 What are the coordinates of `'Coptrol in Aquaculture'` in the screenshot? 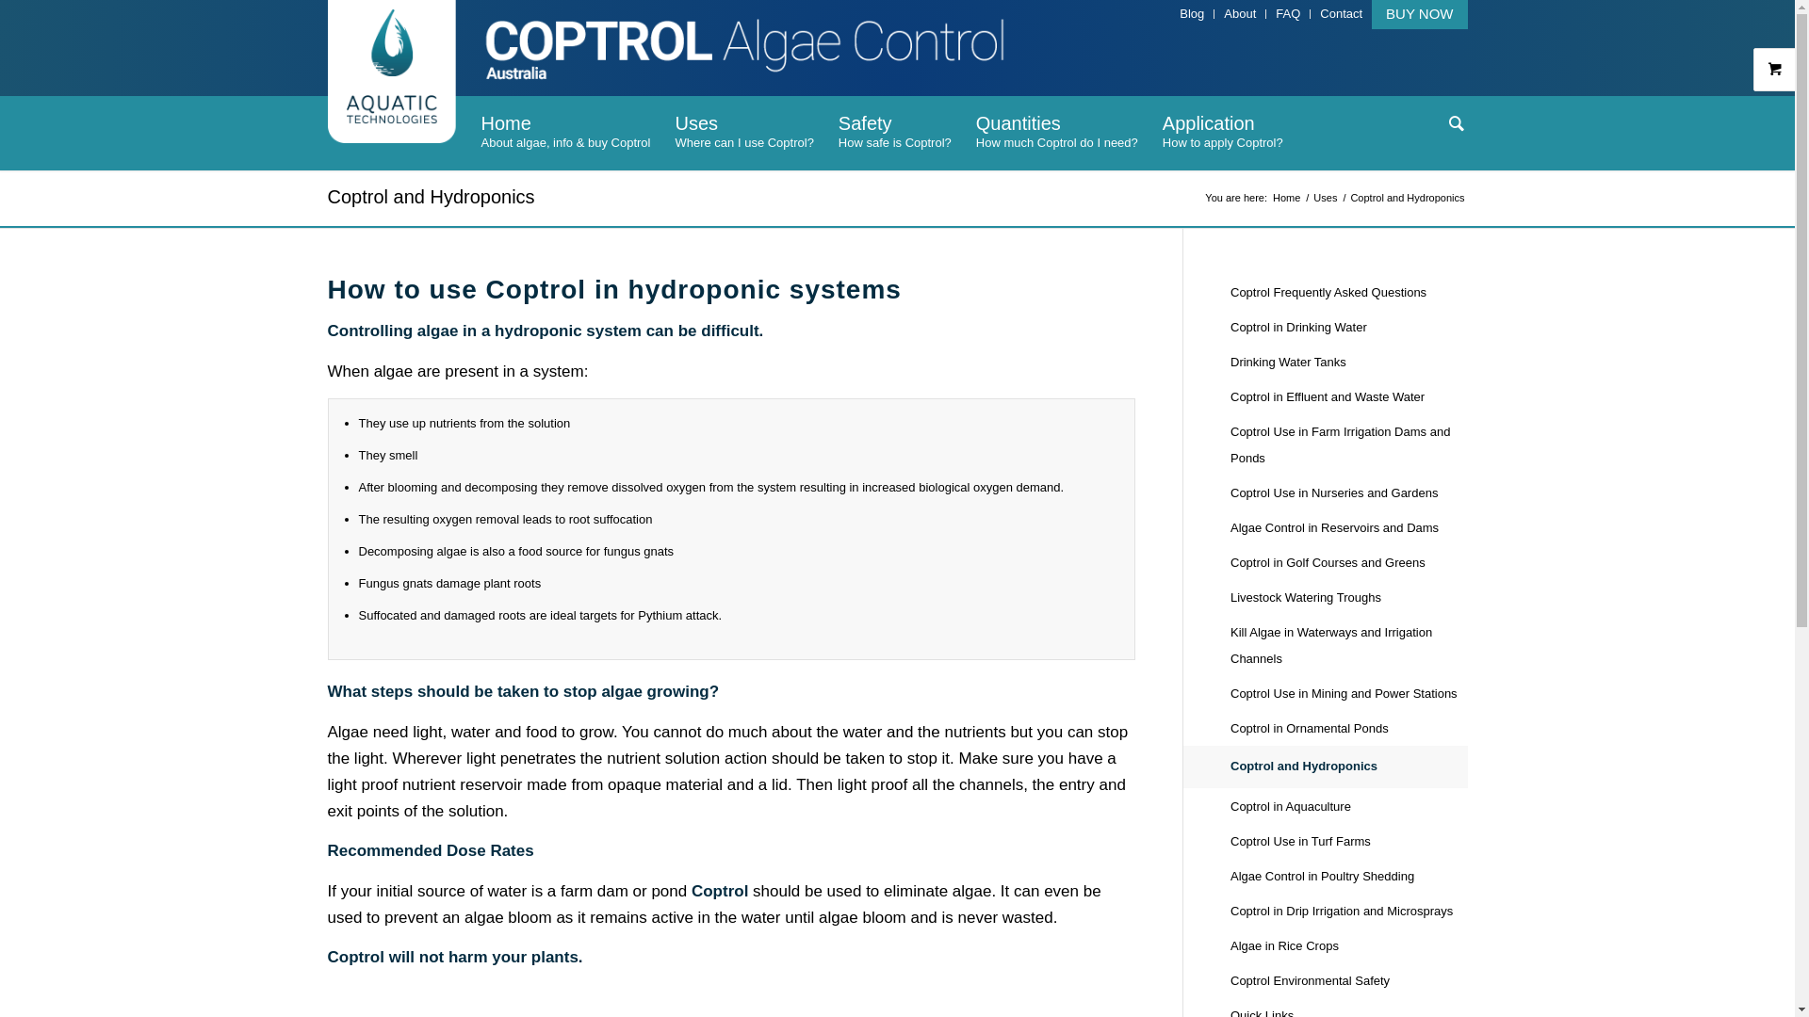 It's located at (1347, 805).